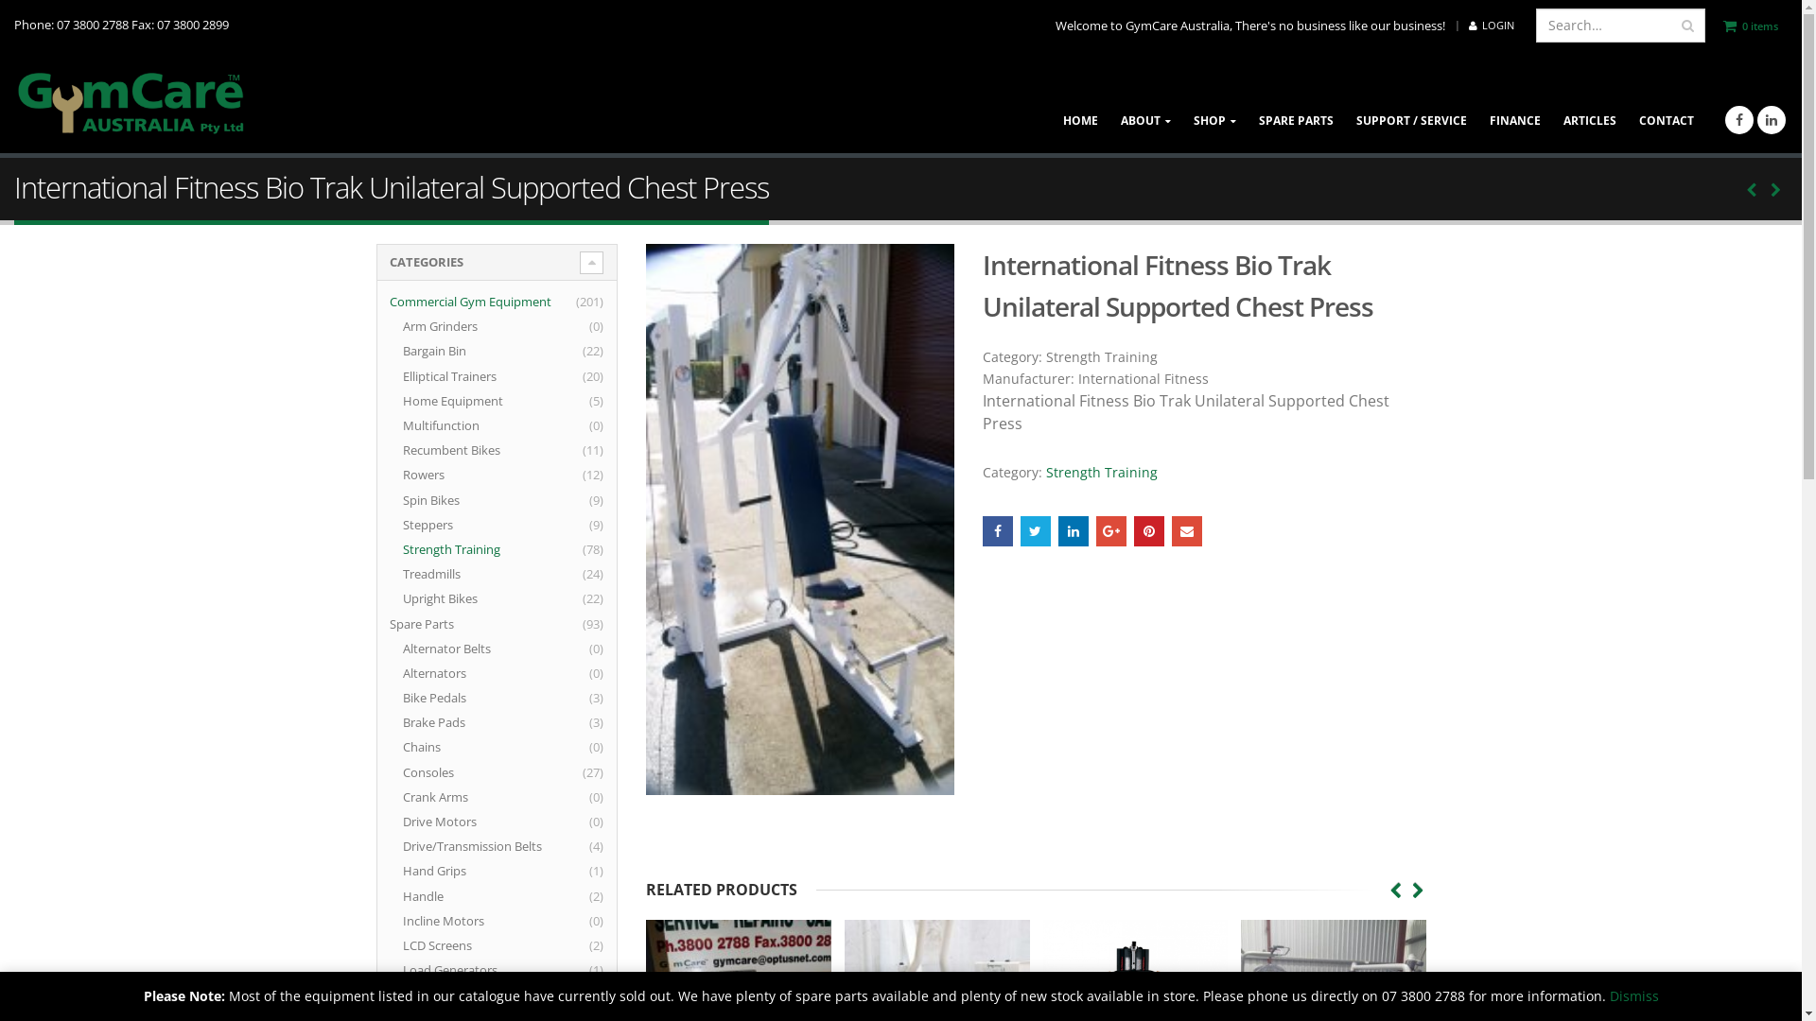  I want to click on 'ABOUT', so click(1109, 102).